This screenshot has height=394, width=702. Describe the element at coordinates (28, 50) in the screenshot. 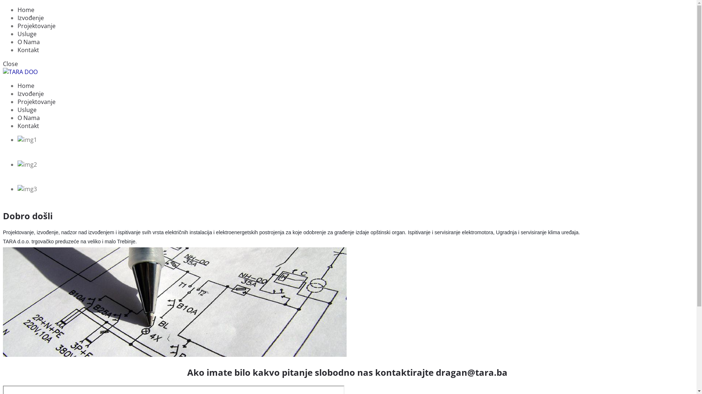

I see `'Kontakt'` at that location.